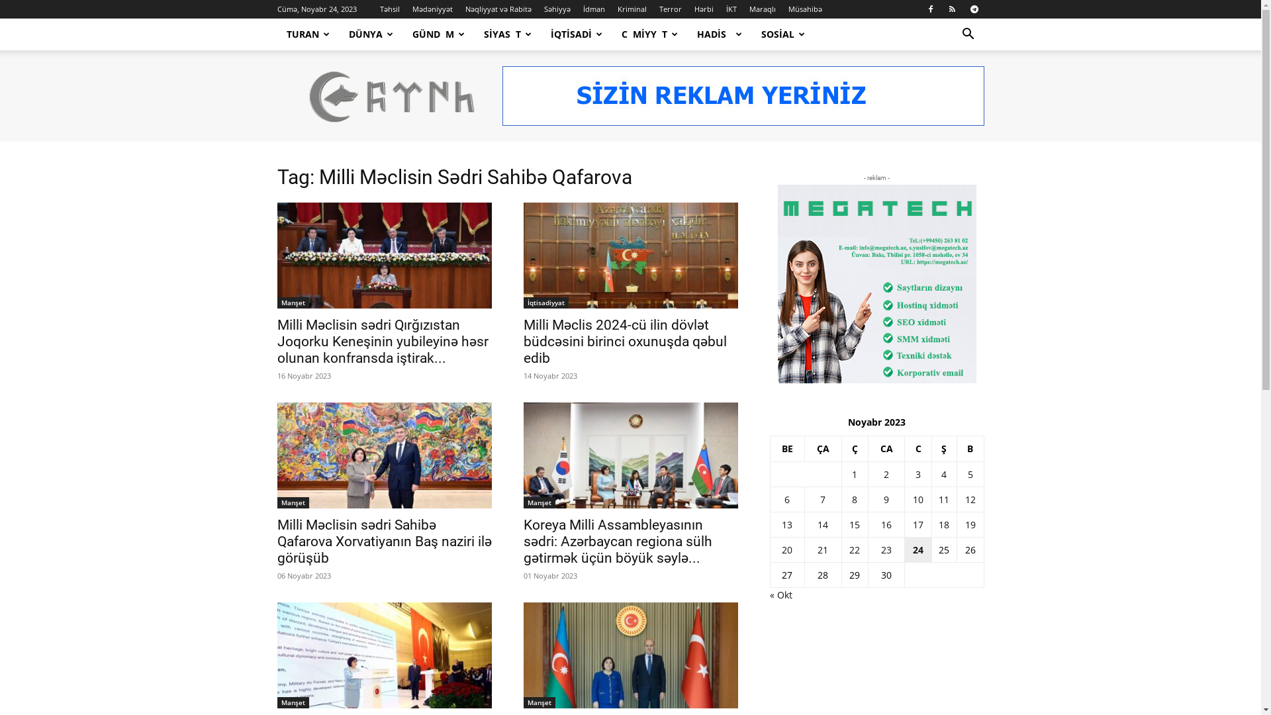 The image size is (1271, 715). What do you see at coordinates (912, 549) in the screenshot?
I see `'24'` at bounding box center [912, 549].